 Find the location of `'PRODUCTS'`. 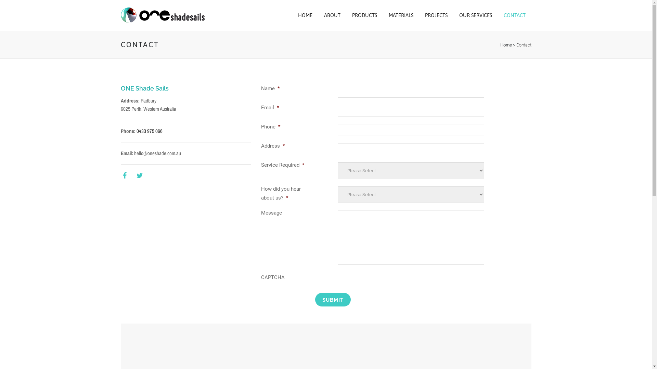

'PRODUCTS' is located at coordinates (346, 15).